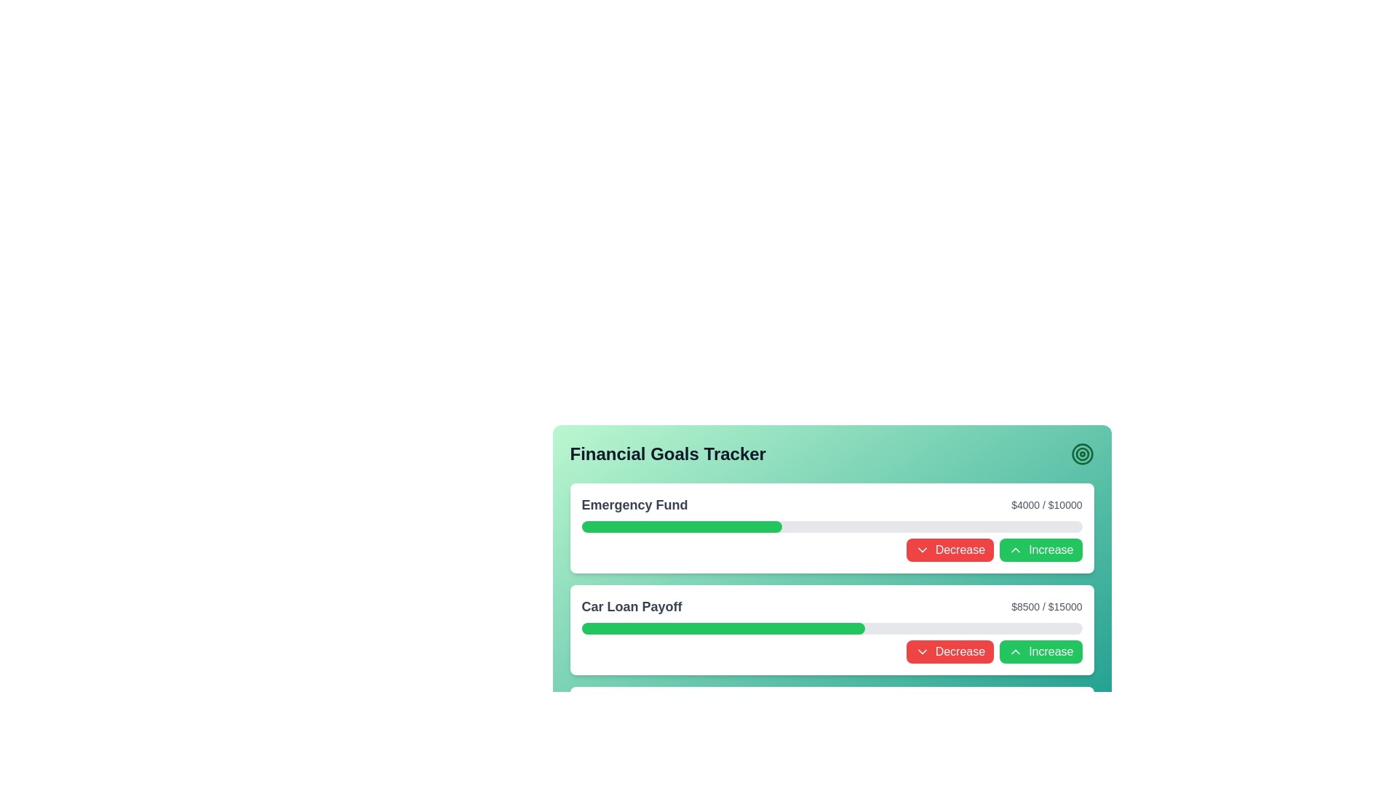  I want to click on the text label displaying the current and target amounts for the 'Emergency Fund' financial goal, located on the right side of the 'Emergency Fund' section, just above the progress bar, so click(1046, 504).